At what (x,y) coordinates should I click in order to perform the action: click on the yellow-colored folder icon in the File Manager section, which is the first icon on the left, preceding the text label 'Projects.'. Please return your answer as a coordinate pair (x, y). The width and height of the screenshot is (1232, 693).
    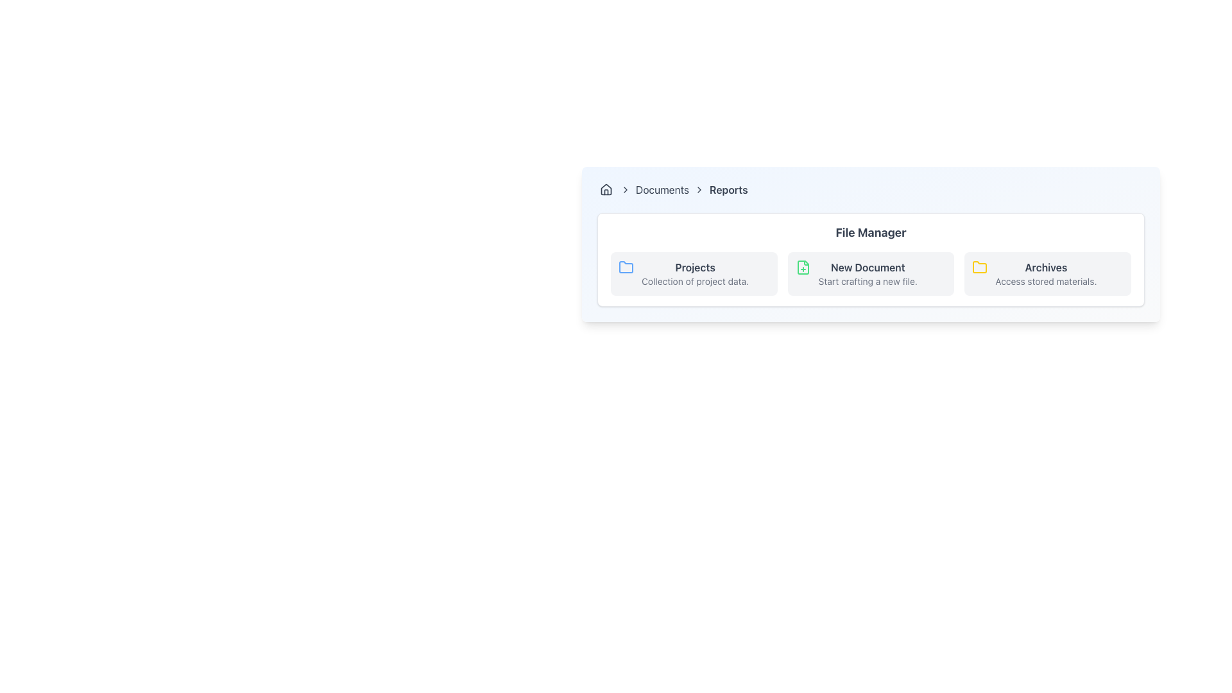
    Looking at the image, I should click on (979, 266).